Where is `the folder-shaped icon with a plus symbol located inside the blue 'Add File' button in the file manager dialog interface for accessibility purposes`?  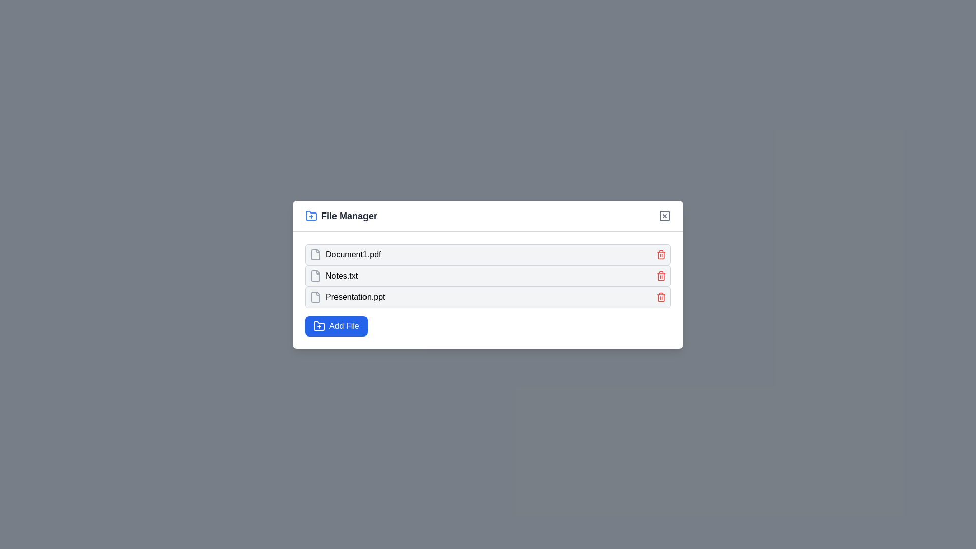 the folder-shaped icon with a plus symbol located inside the blue 'Add File' button in the file manager dialog interface for accessibility purposes is located at coordinates (319, 326).